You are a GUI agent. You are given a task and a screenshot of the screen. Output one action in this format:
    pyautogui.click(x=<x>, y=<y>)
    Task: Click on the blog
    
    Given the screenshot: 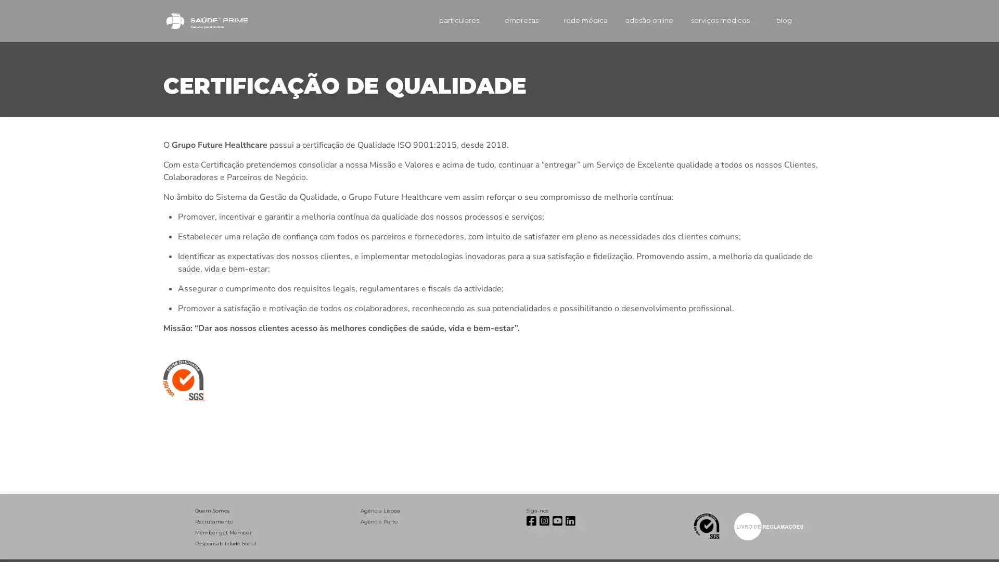 What is the action you would take?
    pyautogui.click(x=775, y=20)
    